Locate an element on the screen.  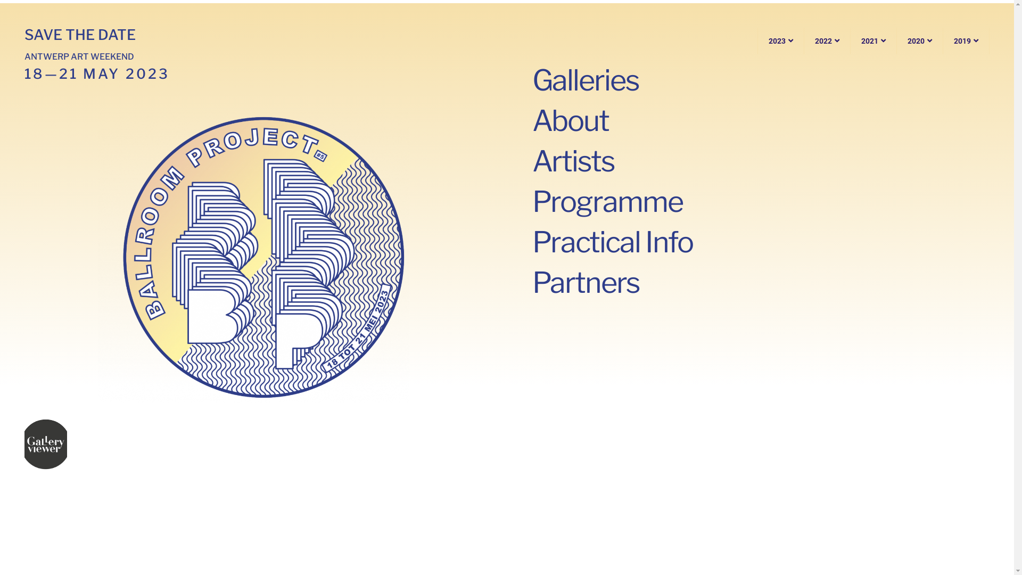
'2020' is located at coordinates (919, 40).